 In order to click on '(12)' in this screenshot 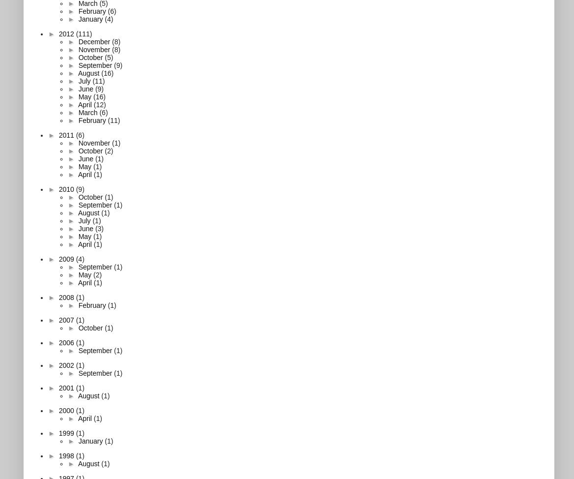, I will do `click(99, 104)`.